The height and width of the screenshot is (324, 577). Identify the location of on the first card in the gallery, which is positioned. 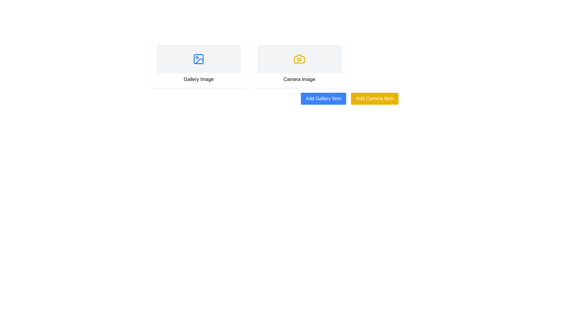
(199, 64).